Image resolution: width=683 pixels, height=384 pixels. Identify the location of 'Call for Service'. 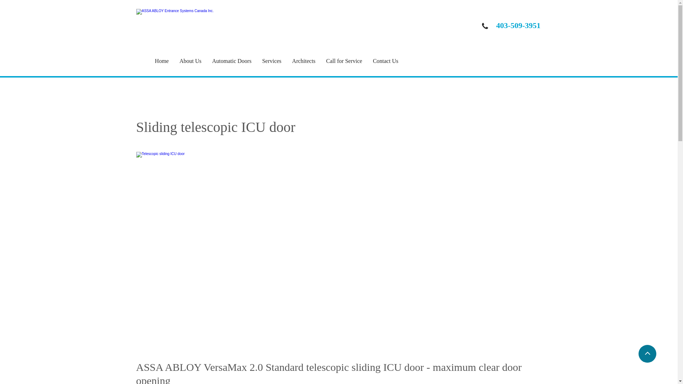
(325, 61).